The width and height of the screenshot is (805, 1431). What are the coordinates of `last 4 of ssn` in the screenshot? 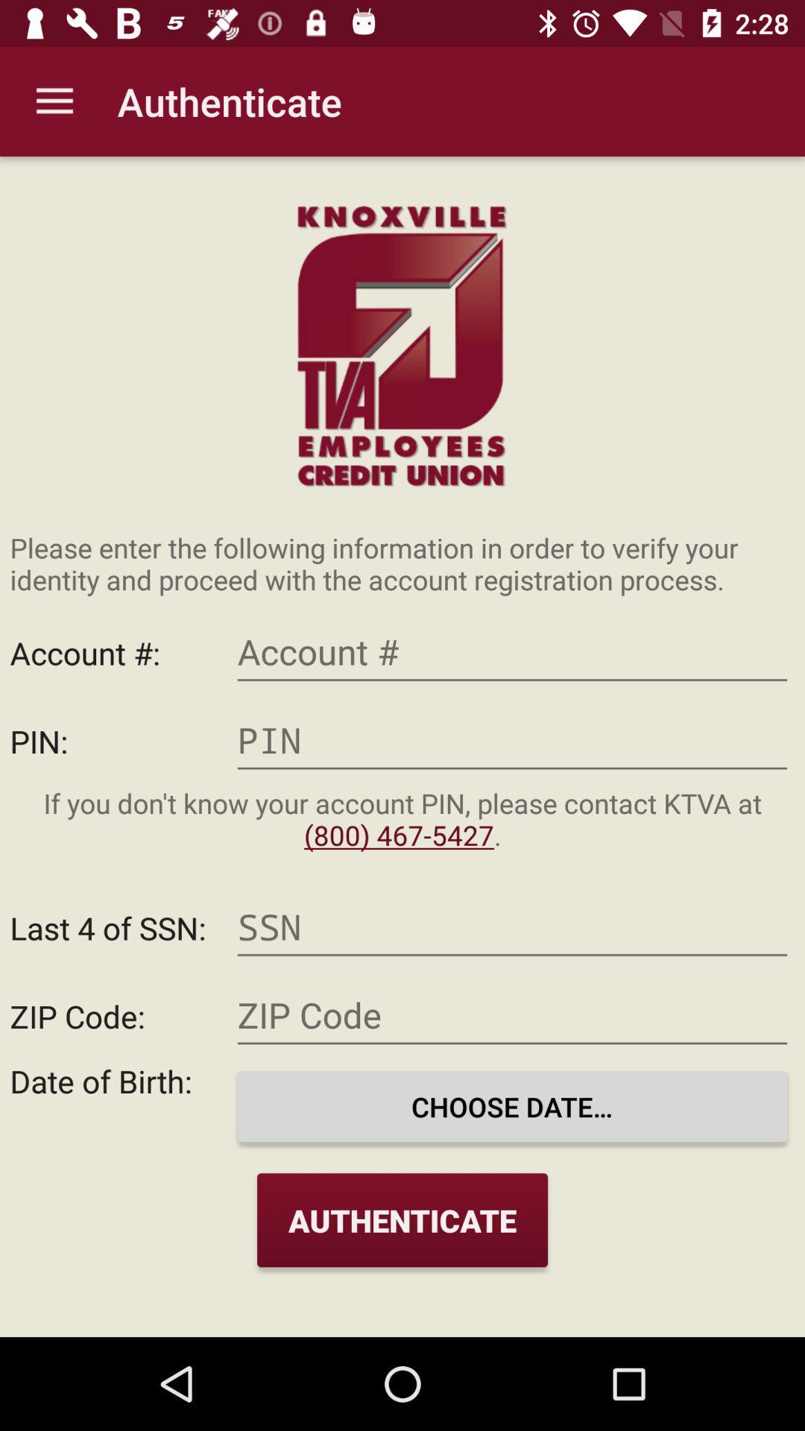 It's located at (511, 926).